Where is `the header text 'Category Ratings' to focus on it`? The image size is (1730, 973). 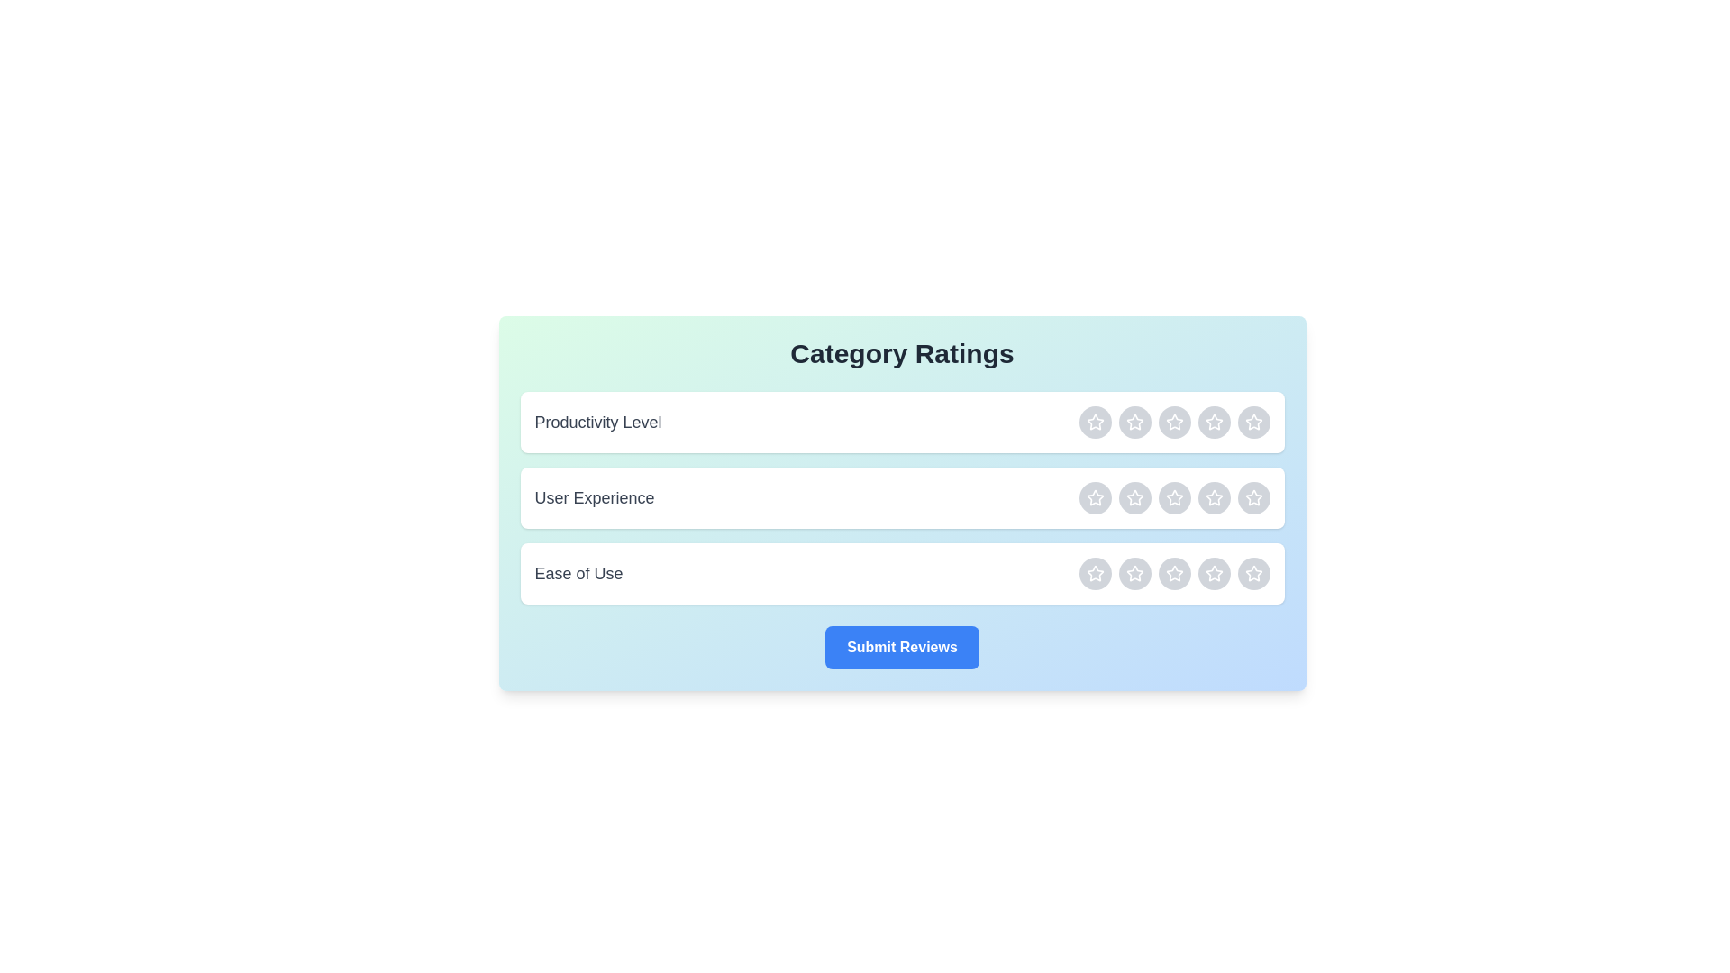
the header text 'Category Ratings' to focus on it is located at coordinates (902, 354).